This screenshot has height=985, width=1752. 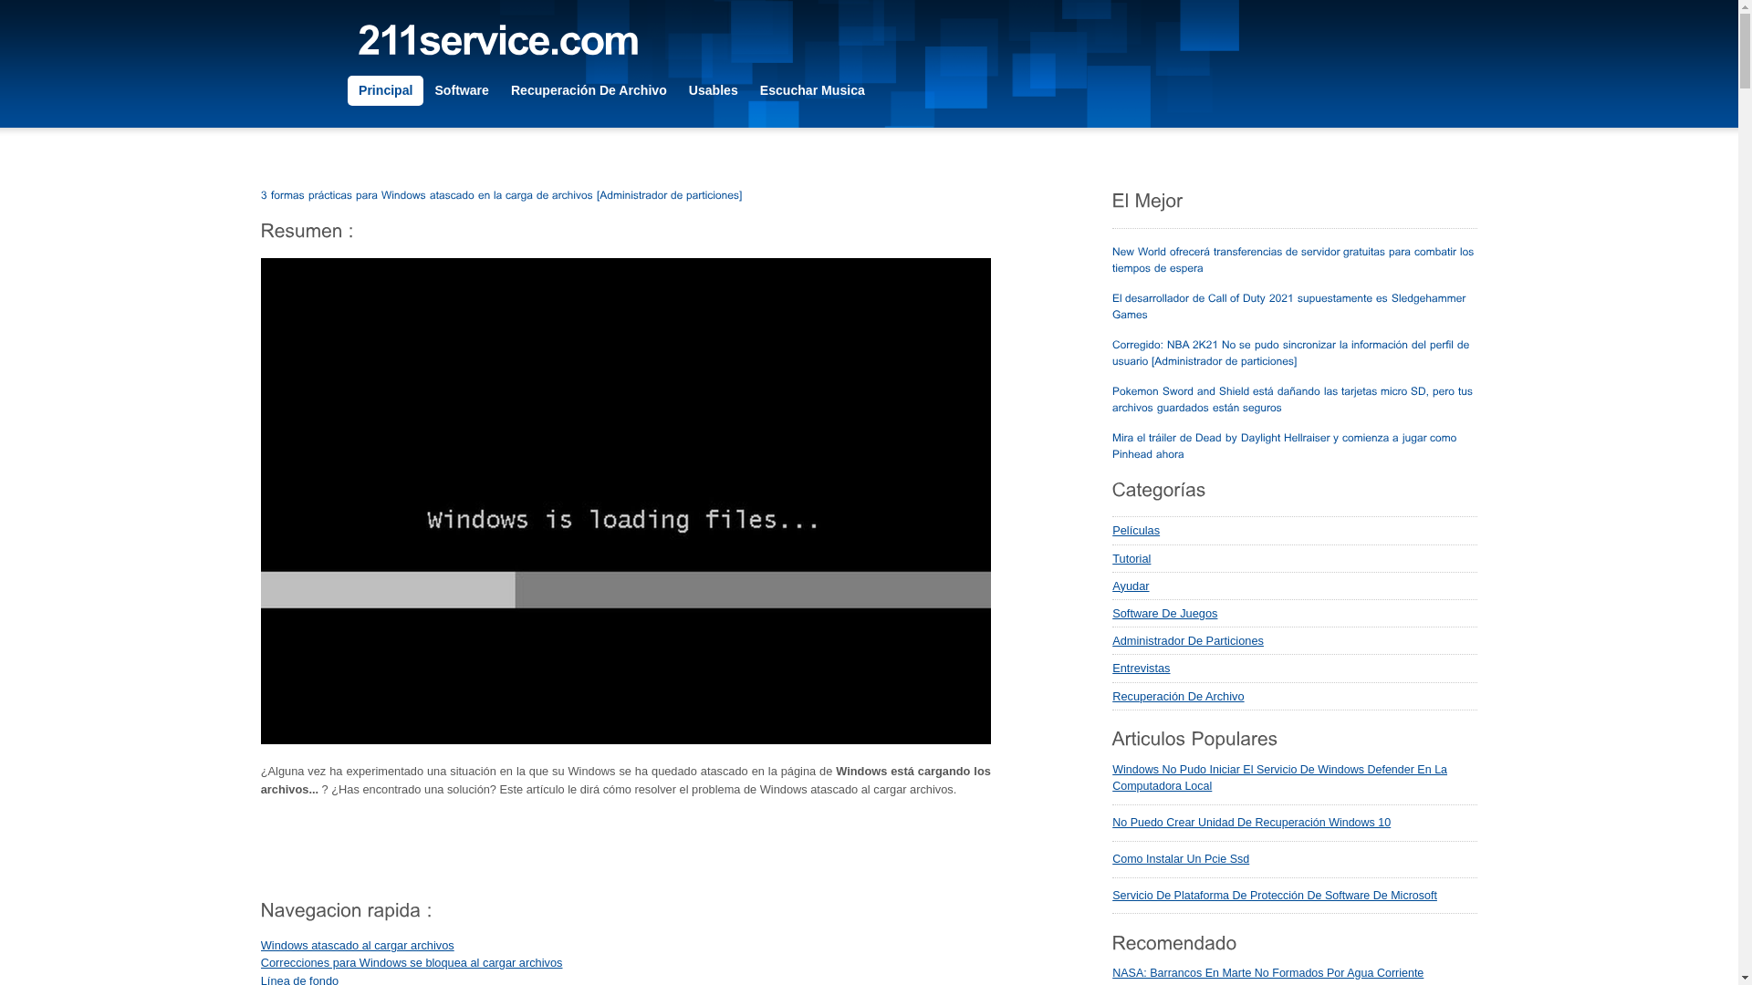 What do you see at coordinates (1181, 858) in the screenshot?
I see `'Como Instalar Un Pcie Ssd'` at bounding box center [1181, 858].